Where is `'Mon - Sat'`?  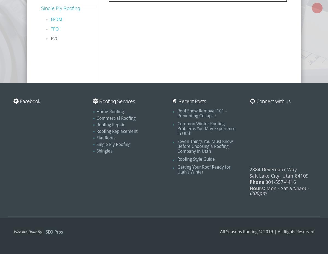 'Mon - Sat' is located at coordinates (277, 188).